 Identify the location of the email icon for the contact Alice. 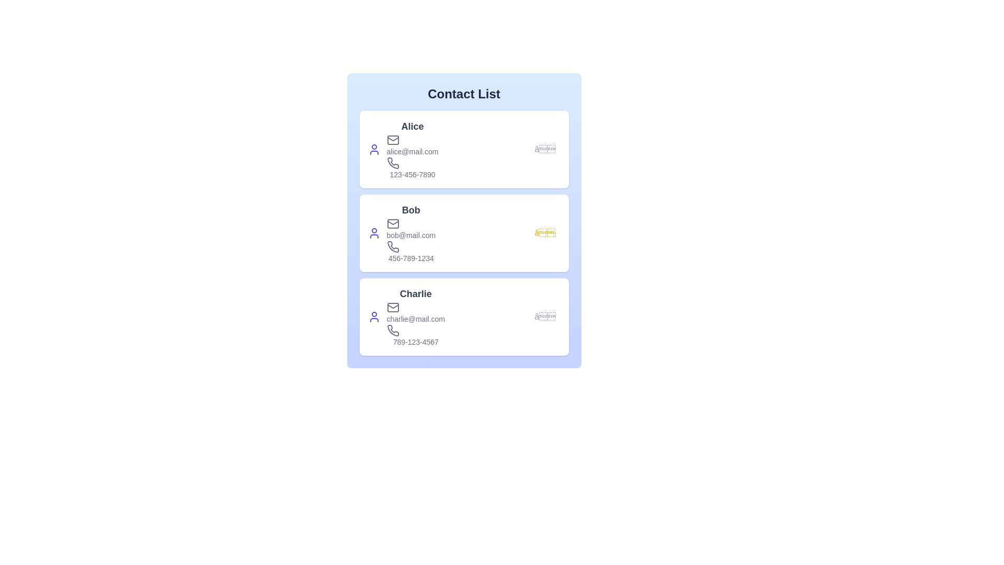
(392, 139).